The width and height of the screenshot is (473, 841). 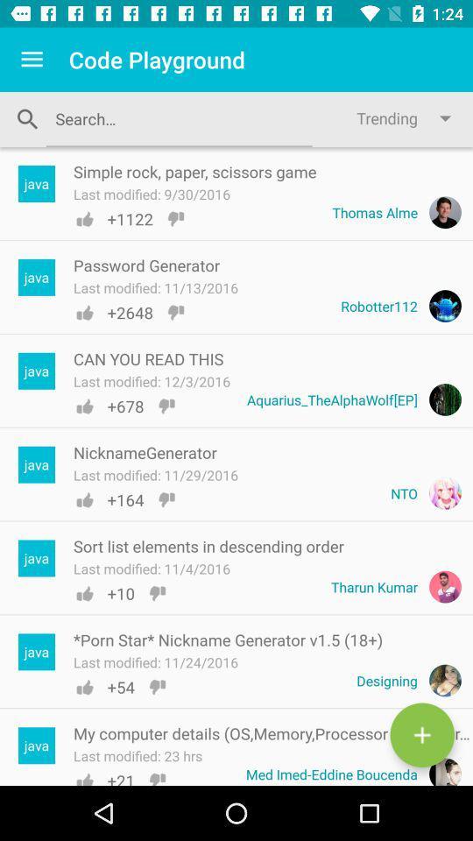 What do you see at coordinates (421, 735) in the screenshot?
I see `see computer details` at bounding box center [421, 735].